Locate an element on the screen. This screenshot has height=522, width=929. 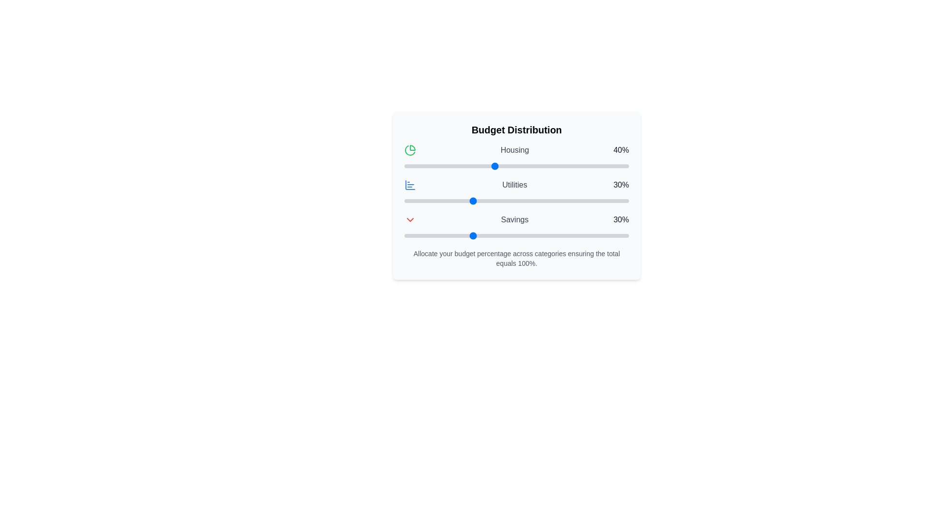
housing budget is located at coordinates (577, 165).